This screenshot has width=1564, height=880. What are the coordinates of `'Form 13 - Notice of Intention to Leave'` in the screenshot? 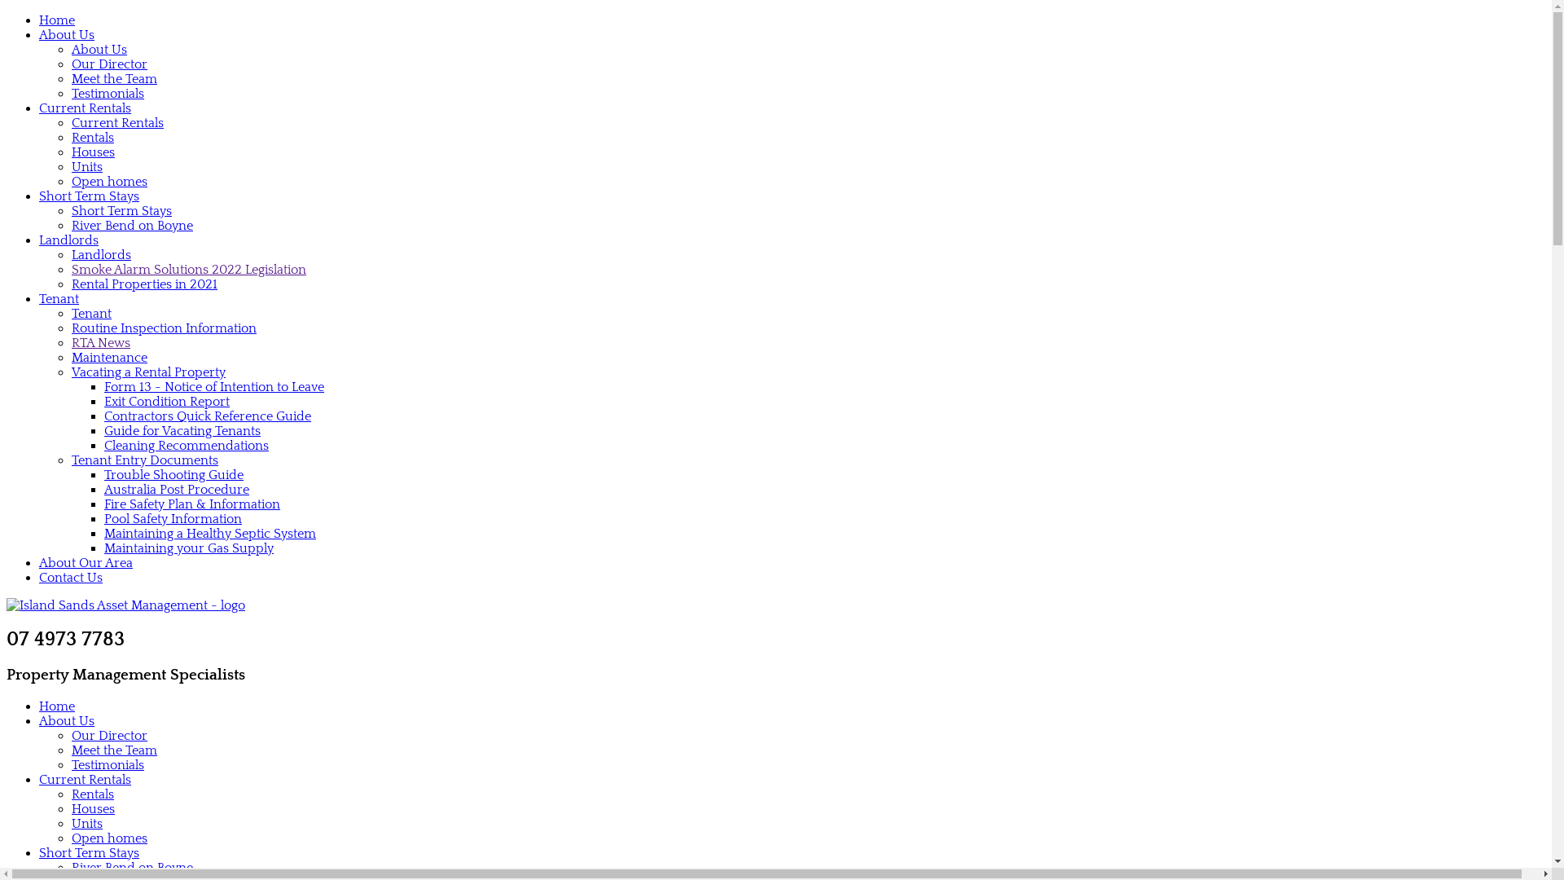 It's located at (213, 386).